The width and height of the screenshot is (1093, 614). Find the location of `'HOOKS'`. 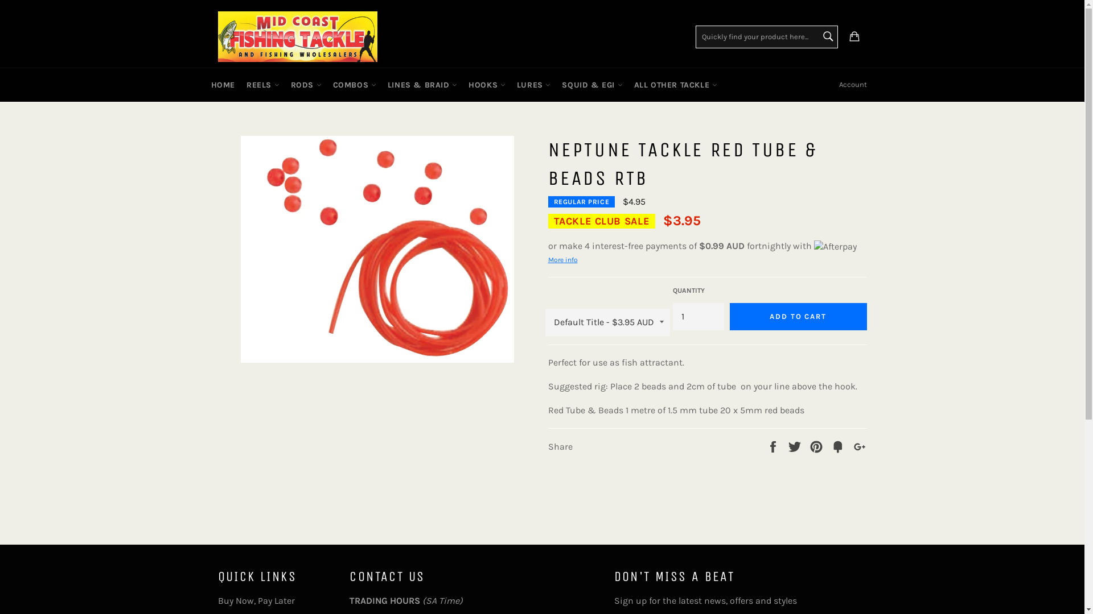

'HOOKS' is located at coordinates (487, 84).